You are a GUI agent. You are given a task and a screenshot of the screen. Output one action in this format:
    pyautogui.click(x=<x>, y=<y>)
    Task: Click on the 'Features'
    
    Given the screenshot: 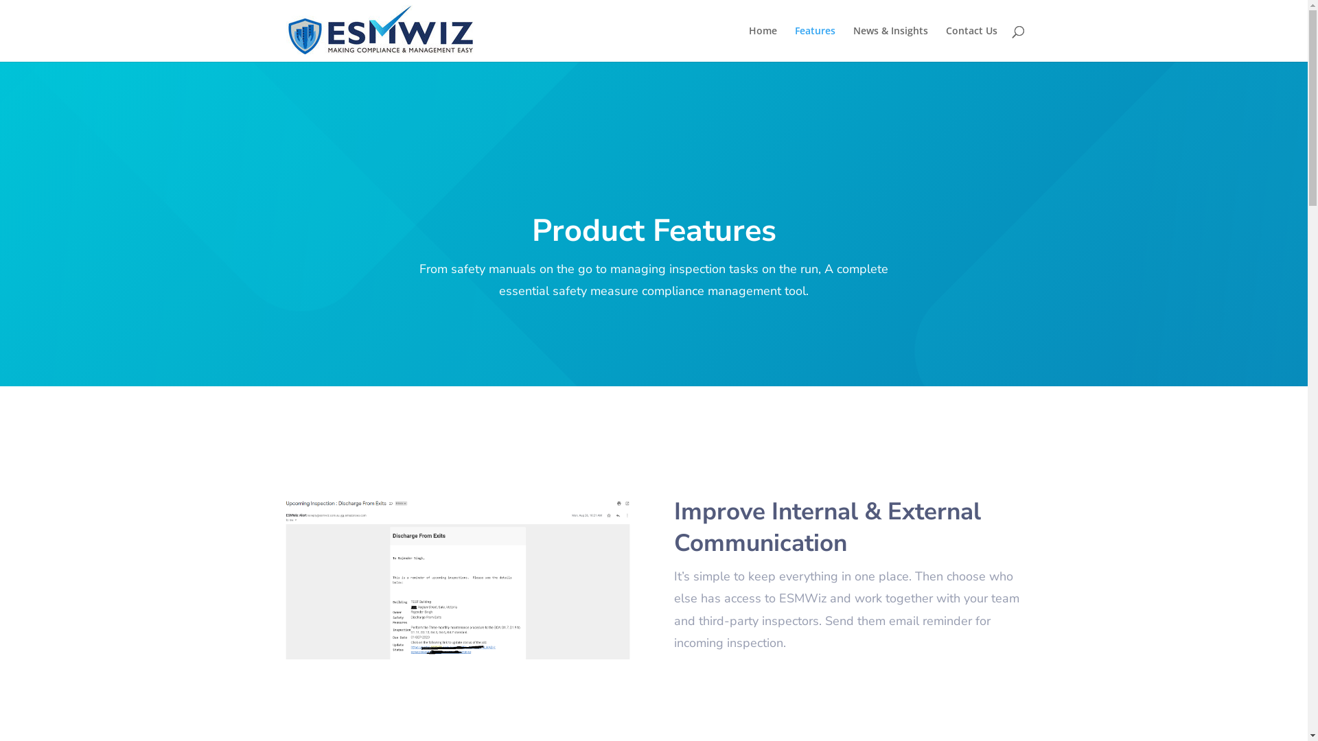 What is the action you would take?
    pyautogui.click(x=815, y=43)
    